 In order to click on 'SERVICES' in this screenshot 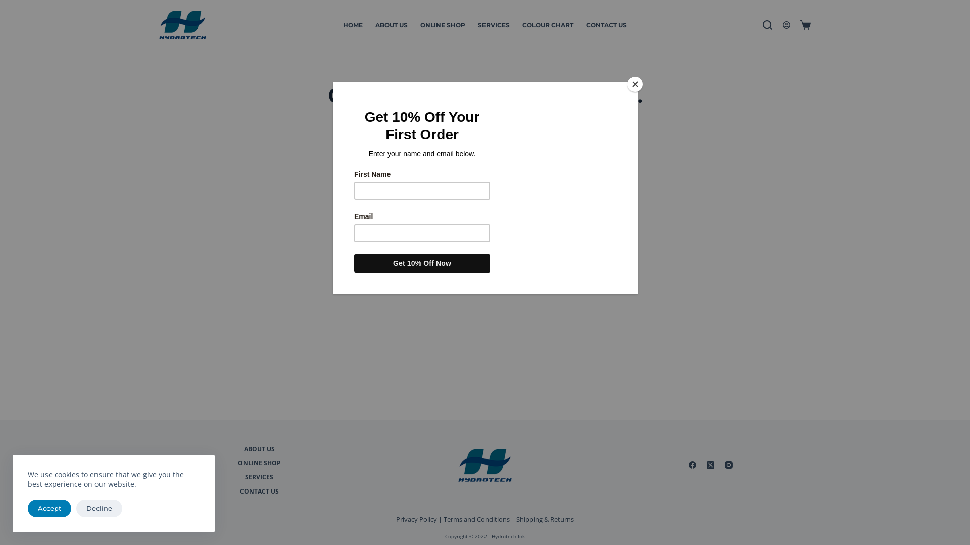, I will do `click(259, 477)`.